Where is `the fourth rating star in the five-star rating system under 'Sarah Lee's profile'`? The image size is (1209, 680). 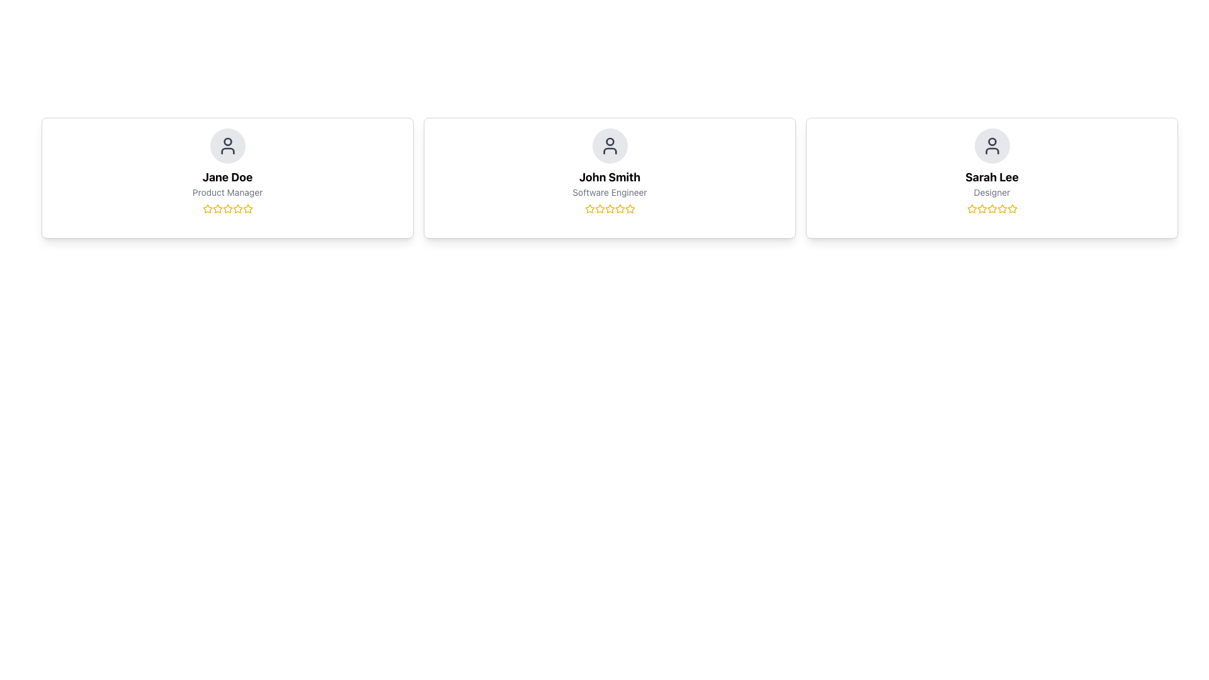 the fourth rating star in the five-star rating system under 'Sarah Lee's profile' is located at coordinates (1001, 208).